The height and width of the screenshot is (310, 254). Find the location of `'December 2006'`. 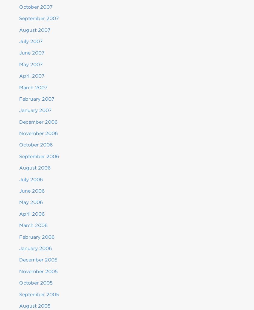

'December 2006' is located at coordinates (38, 122).